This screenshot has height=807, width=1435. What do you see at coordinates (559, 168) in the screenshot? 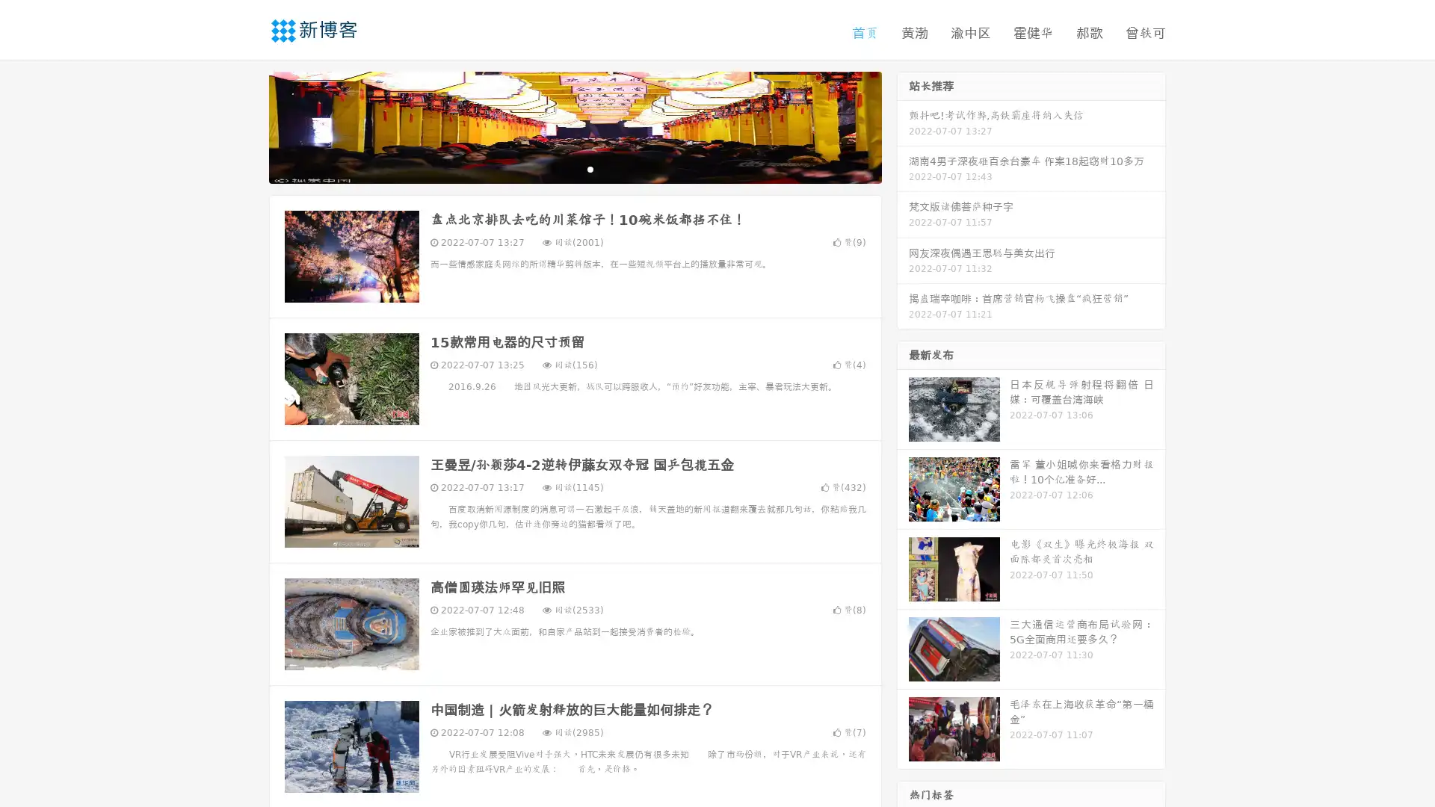
I see `Go to slide 1` at bounding box center [559, 168].